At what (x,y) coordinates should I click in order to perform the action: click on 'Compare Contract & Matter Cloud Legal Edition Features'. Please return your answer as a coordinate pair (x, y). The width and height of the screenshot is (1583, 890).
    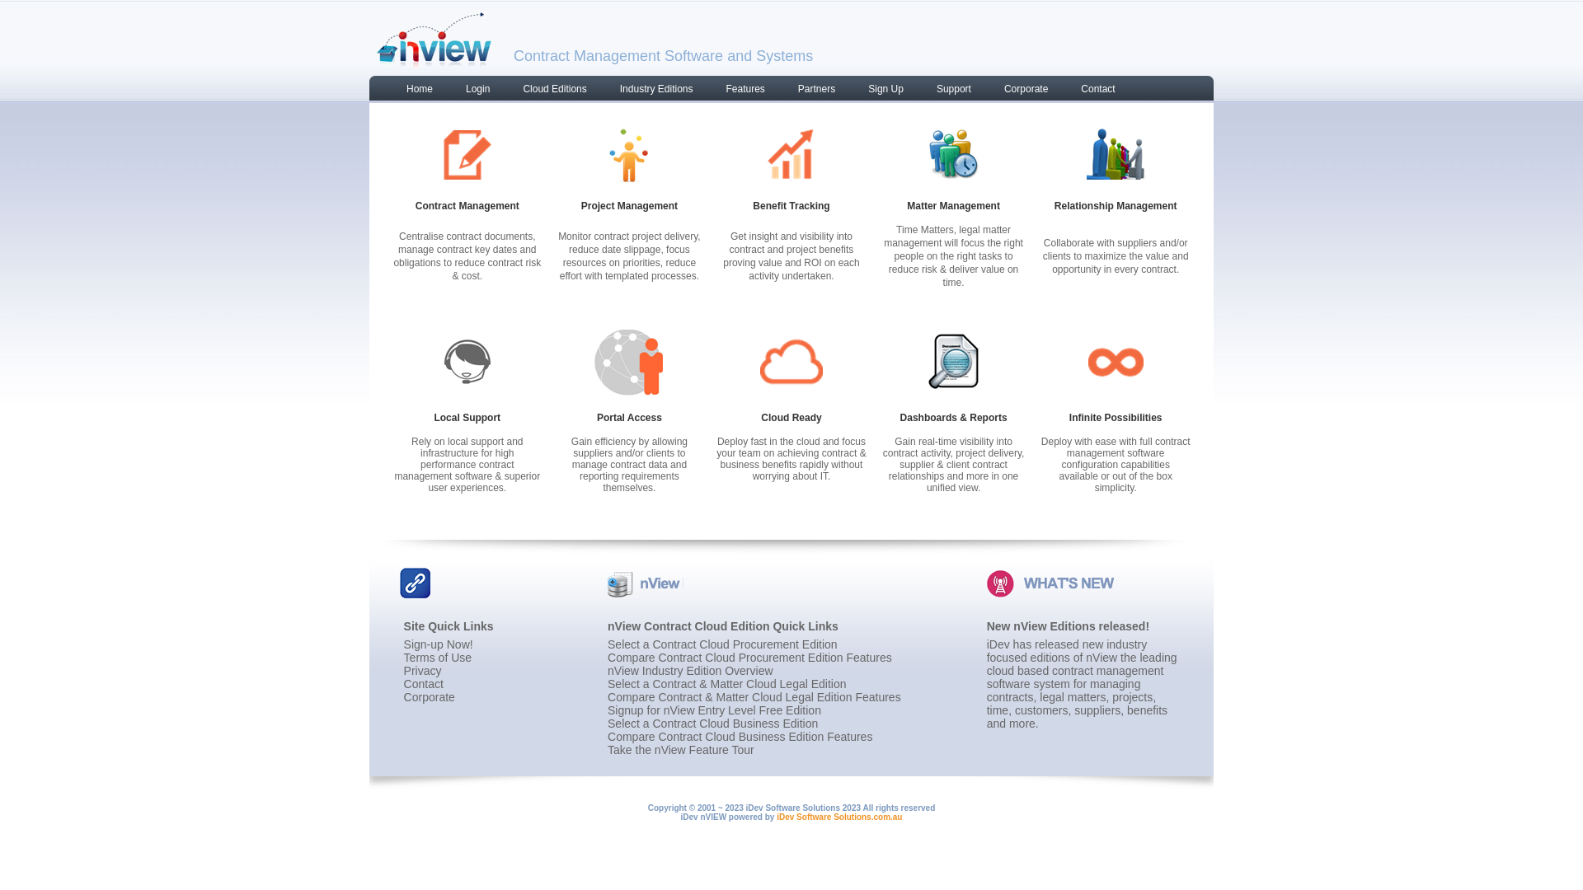
    Looking at the image, I should click on (754, 696).